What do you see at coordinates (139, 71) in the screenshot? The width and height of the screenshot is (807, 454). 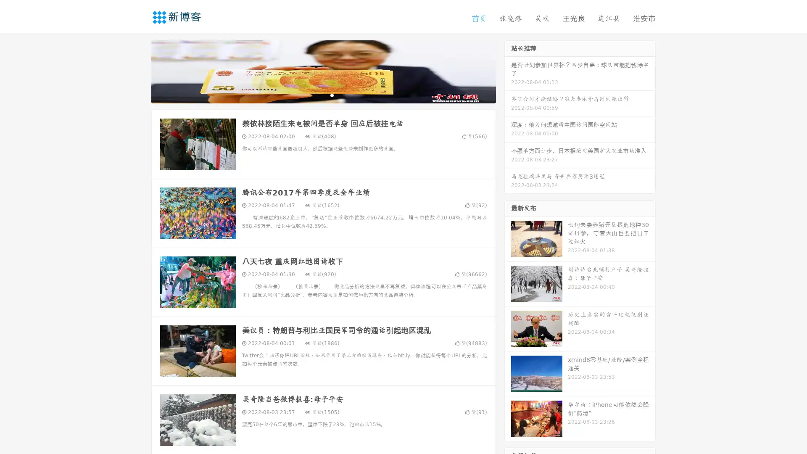 I see `Previous slide` at bounding box center [139, 71].